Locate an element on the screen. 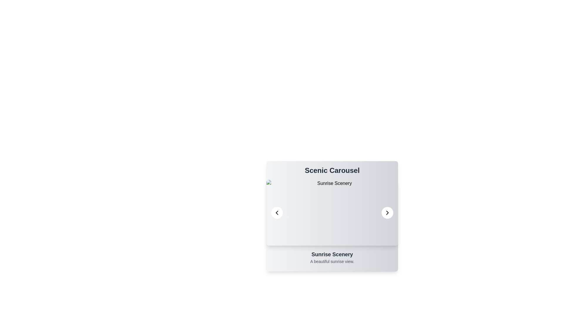  right navigation button to view the next item is located at coordinates (387, 213).